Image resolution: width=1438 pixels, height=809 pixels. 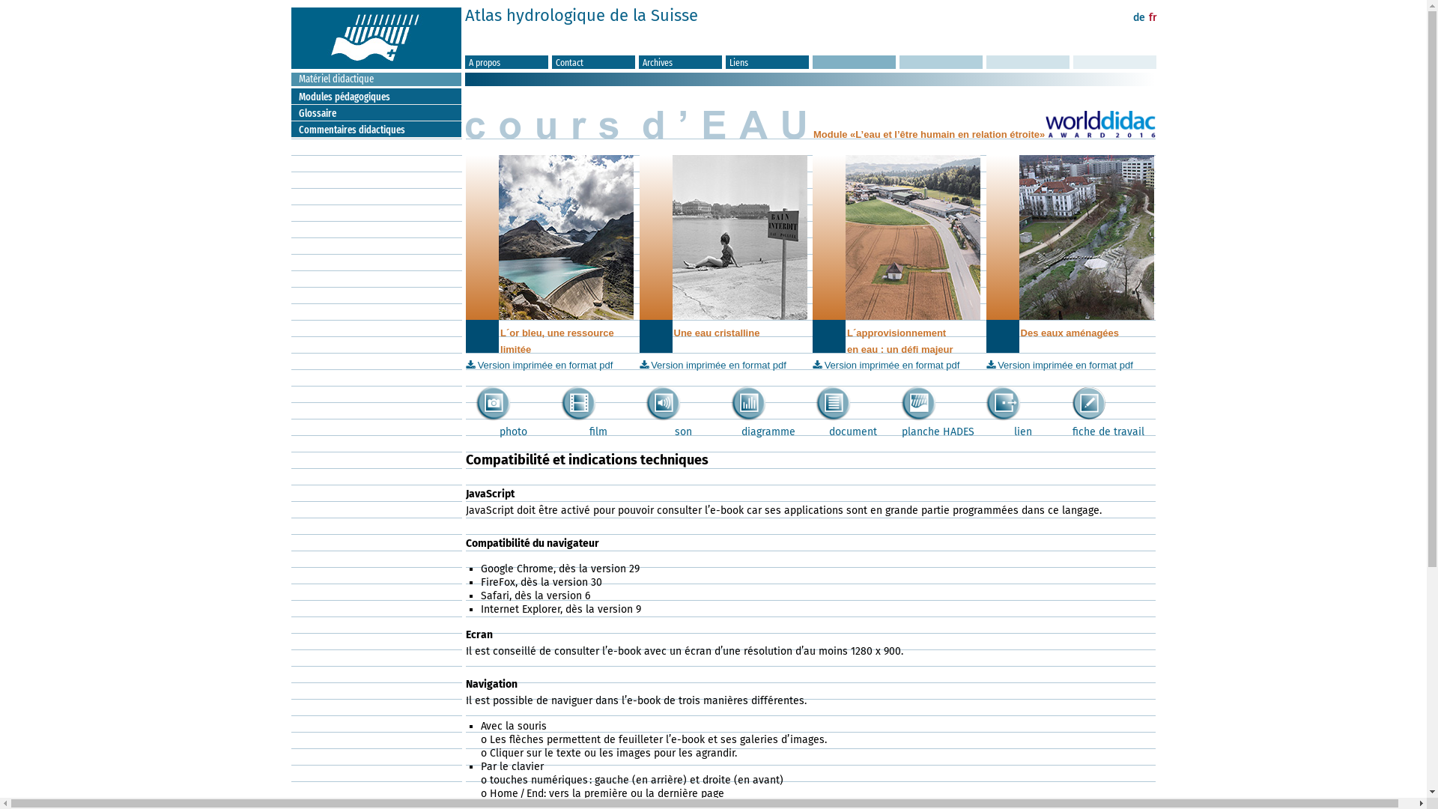 I want to click on 'A propos', so click(x=464, y=61).